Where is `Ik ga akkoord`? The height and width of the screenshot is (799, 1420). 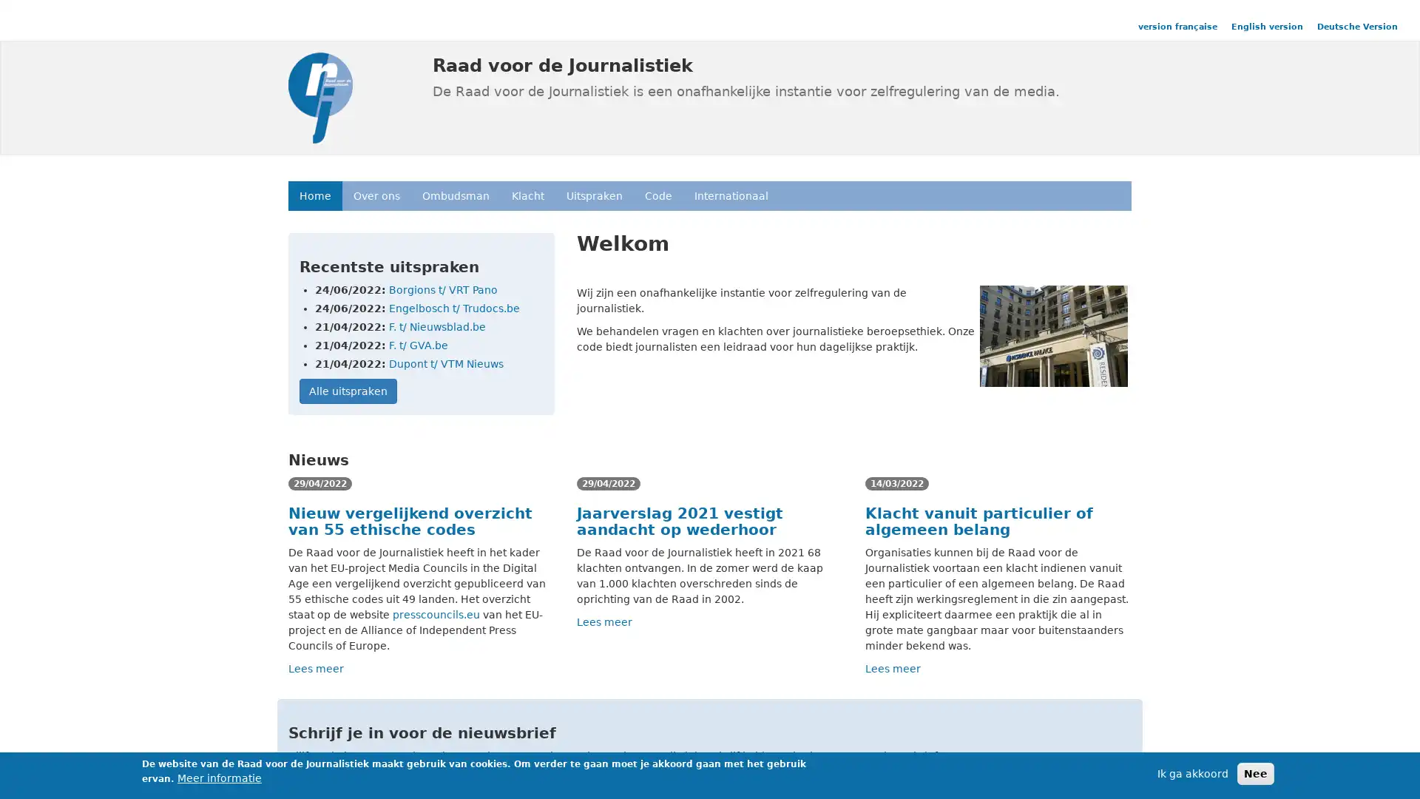 Ik ga akkoord is located at coordinates (1192, 772).